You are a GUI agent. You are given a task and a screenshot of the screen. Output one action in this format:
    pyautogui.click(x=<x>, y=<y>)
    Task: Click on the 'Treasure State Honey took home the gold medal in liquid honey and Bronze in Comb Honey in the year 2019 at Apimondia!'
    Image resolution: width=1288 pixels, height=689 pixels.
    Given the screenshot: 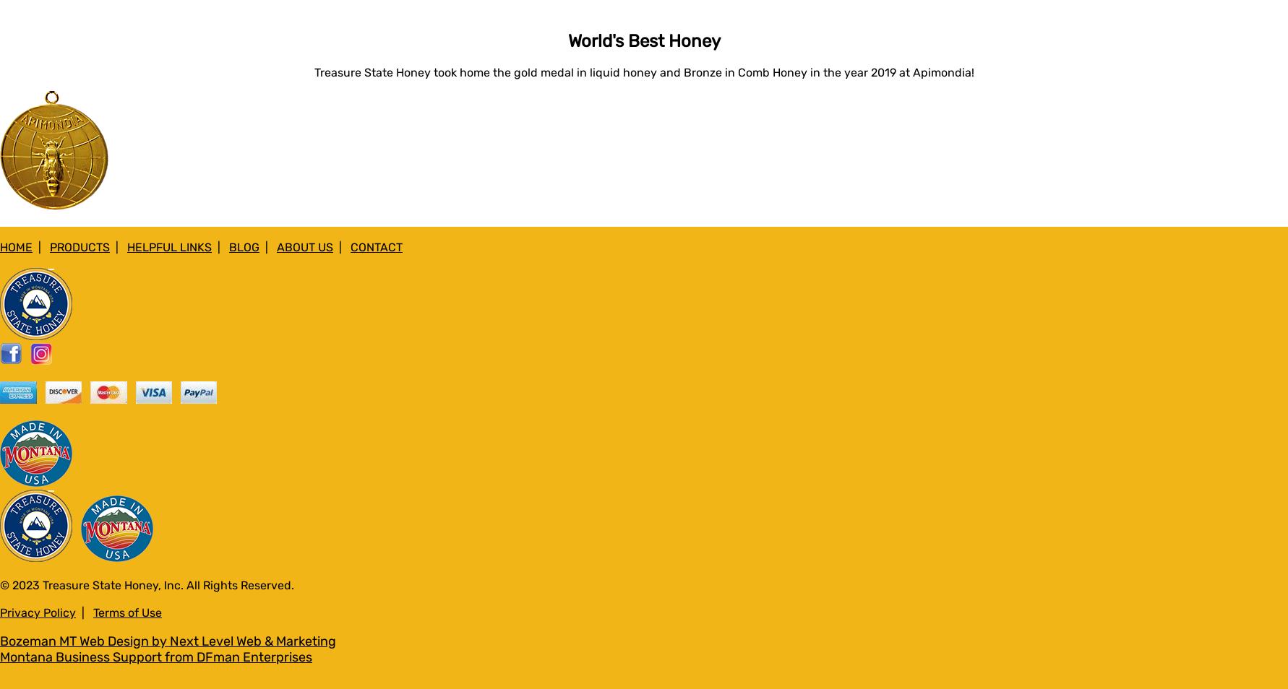 What is the action you would take?
    pyautogui.click(x=643, y=71)
    